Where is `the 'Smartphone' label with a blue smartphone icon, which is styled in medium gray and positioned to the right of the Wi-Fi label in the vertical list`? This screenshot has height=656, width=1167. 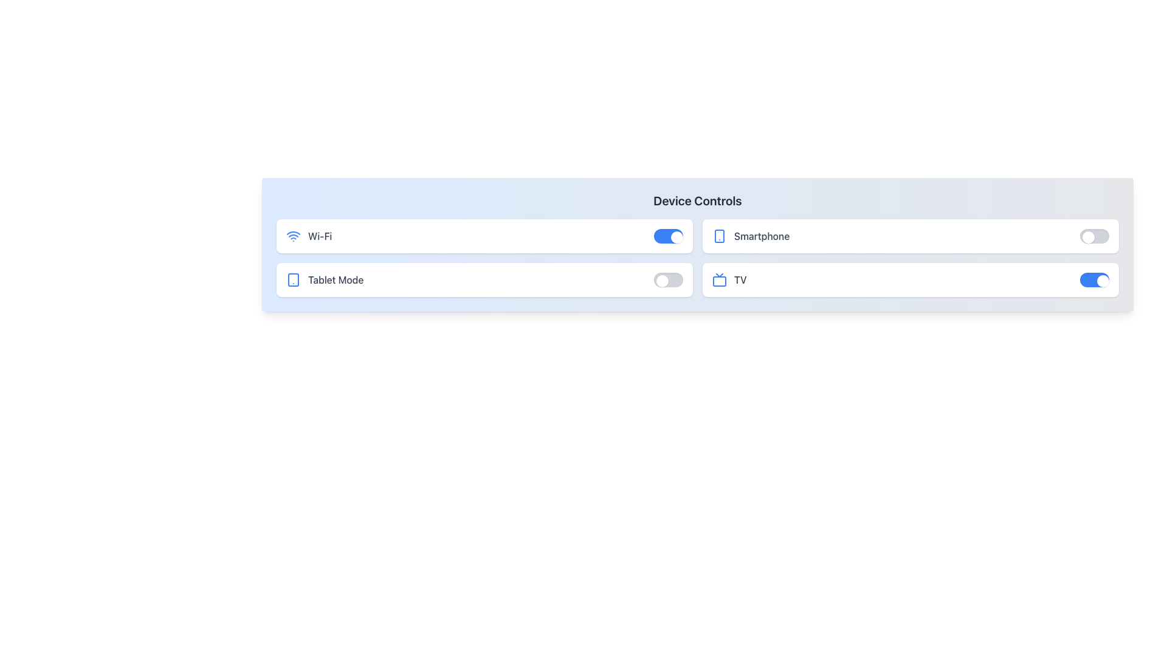 the 'Smartphone' label with a blue smartphone icon, which is styled in medium gray and positioned to the right of the Wi-Fi label in the vertical list is located at coordinates (750, 236).